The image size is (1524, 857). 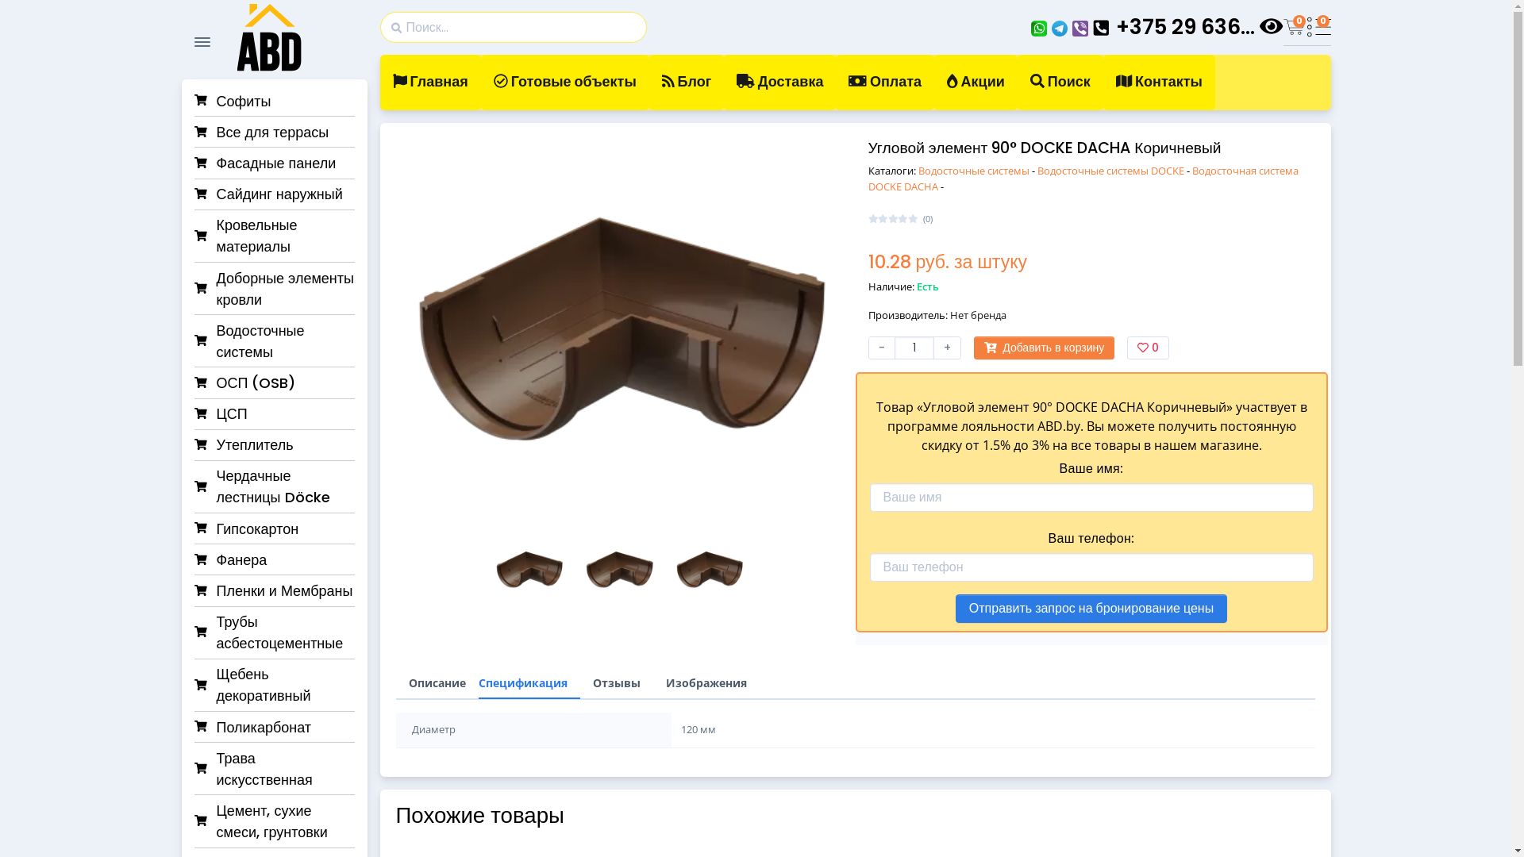 I want to click on '0', so click(x=1318, y=27).